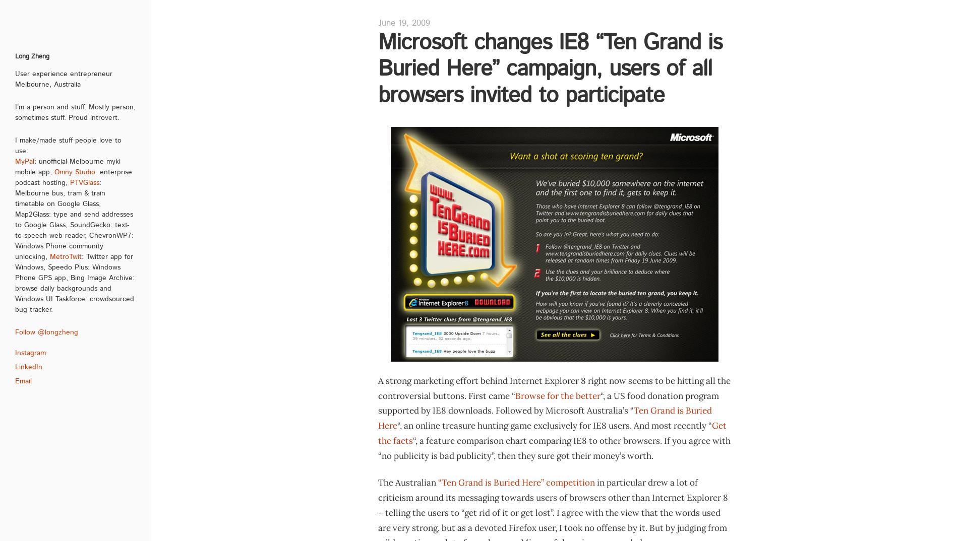 Image resolution: width=958 pixels, height=541 pixels. Describe the element at coordinates (29, 366) in the screenshot. I see `'LinkedIn'` at that location.